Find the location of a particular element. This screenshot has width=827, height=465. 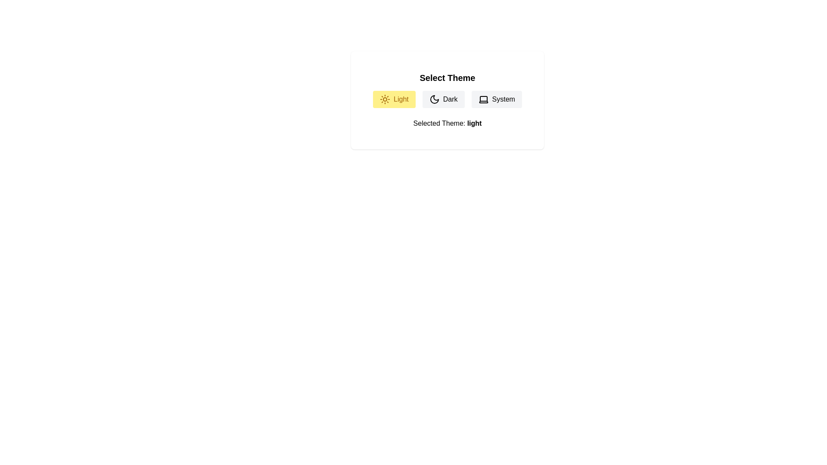

the 'Light' button to select the light theme is located at coordinates (394, 99).